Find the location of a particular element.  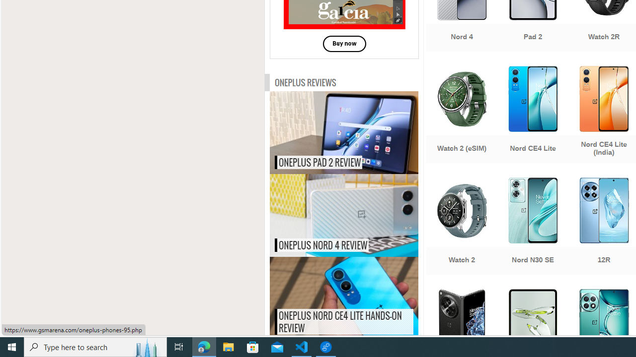

'OnePlus Pad 2 review ONEPLUS PAD 2 REVIEW' is located at coordinates (344, 132).